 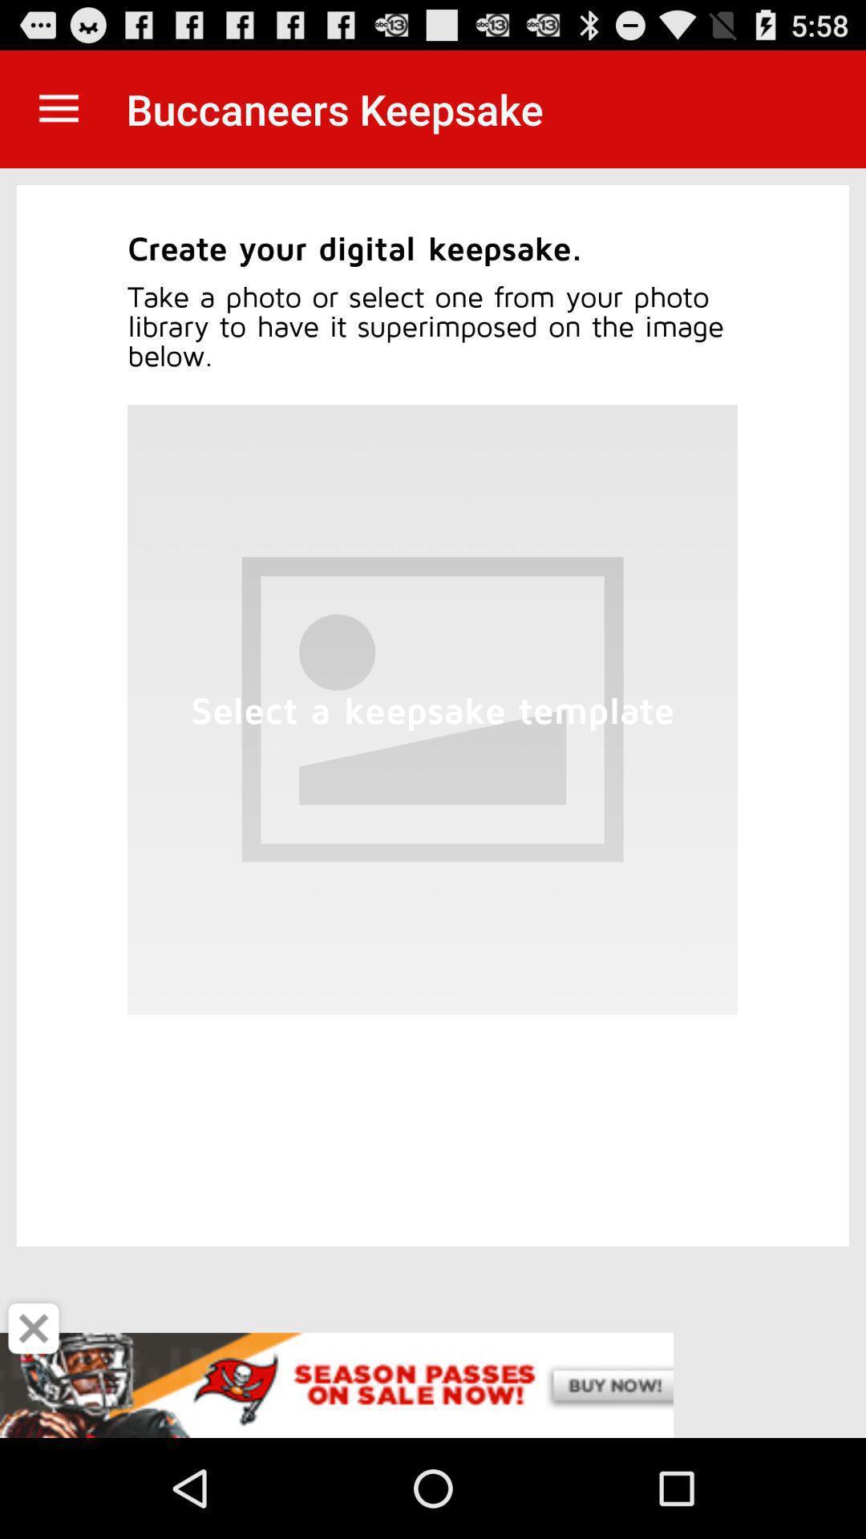 What do you see at coordinates (433, 1384) in the screenshot?
I see `advertisements` at bounding box center [433, 1384].